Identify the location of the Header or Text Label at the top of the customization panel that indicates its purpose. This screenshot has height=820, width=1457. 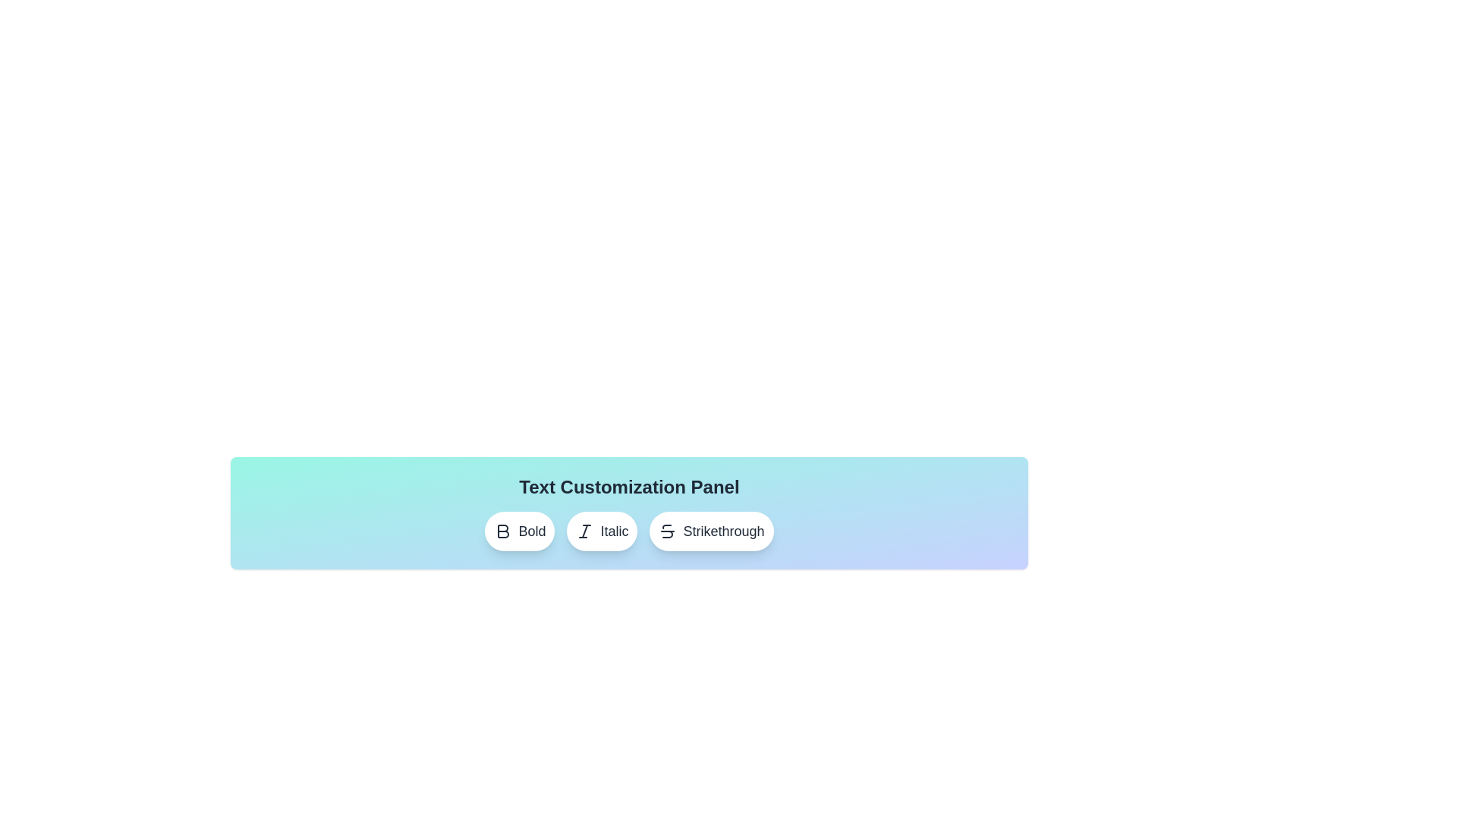
(629, 487).